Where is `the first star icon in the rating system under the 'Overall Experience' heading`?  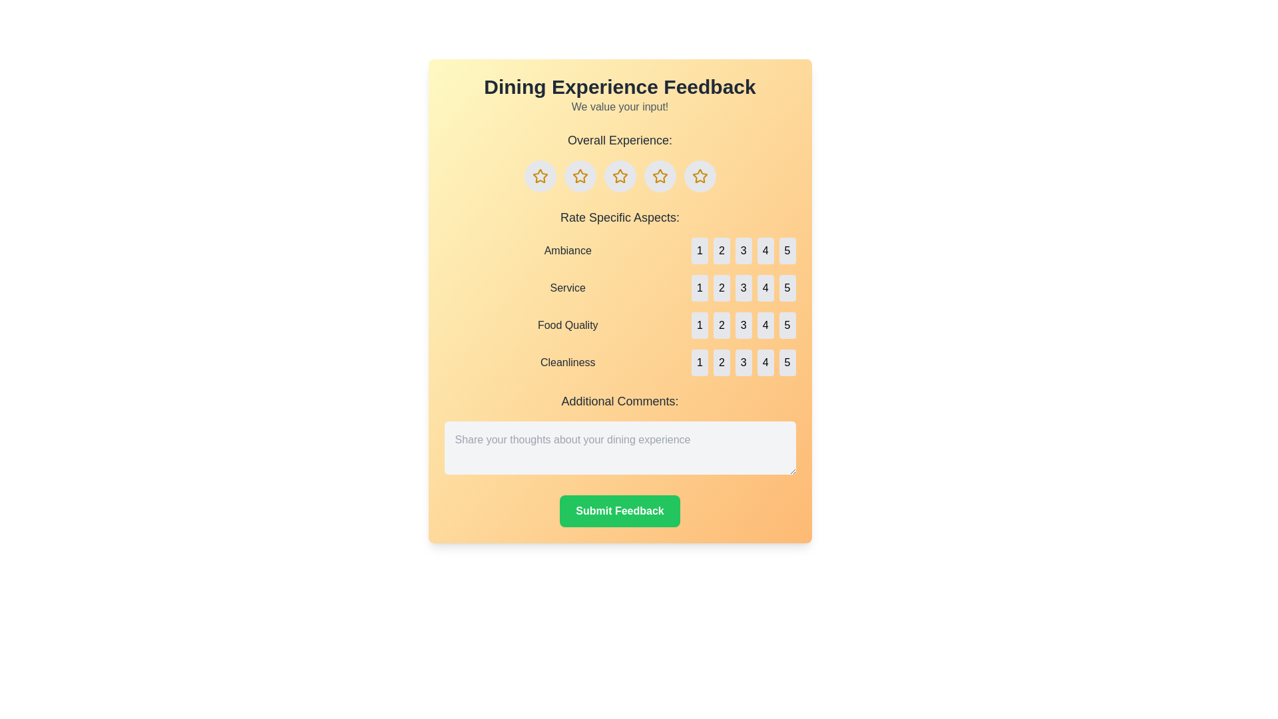 the first star icon in the rating system under the 'Overall Experience' heading is located at coordinates (540, 176).